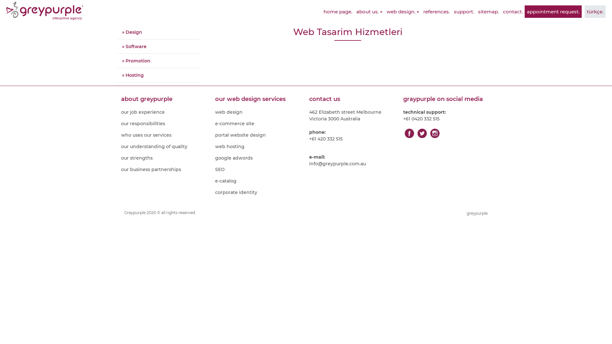  I want to click on 'SEO', so click(215, 169).